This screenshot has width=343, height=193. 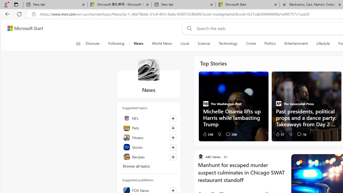 What do you see at coordinates (270, 43) in the screenshot?
I see `'Politics'` at bounding box center [270, 43].